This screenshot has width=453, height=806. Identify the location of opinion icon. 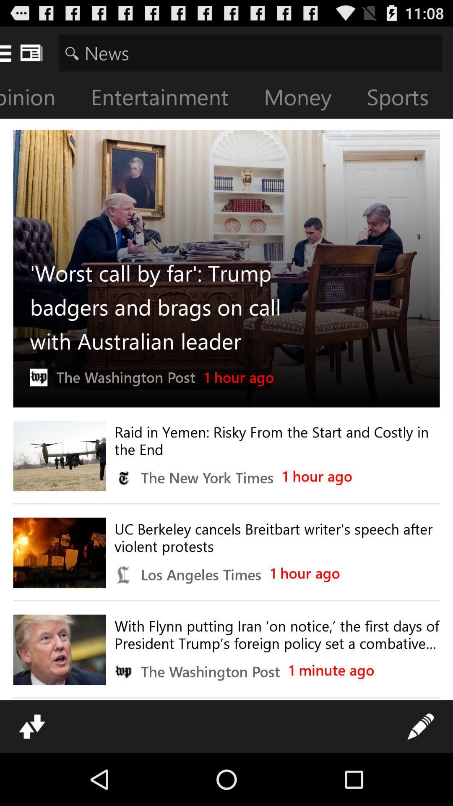
(40, 99).